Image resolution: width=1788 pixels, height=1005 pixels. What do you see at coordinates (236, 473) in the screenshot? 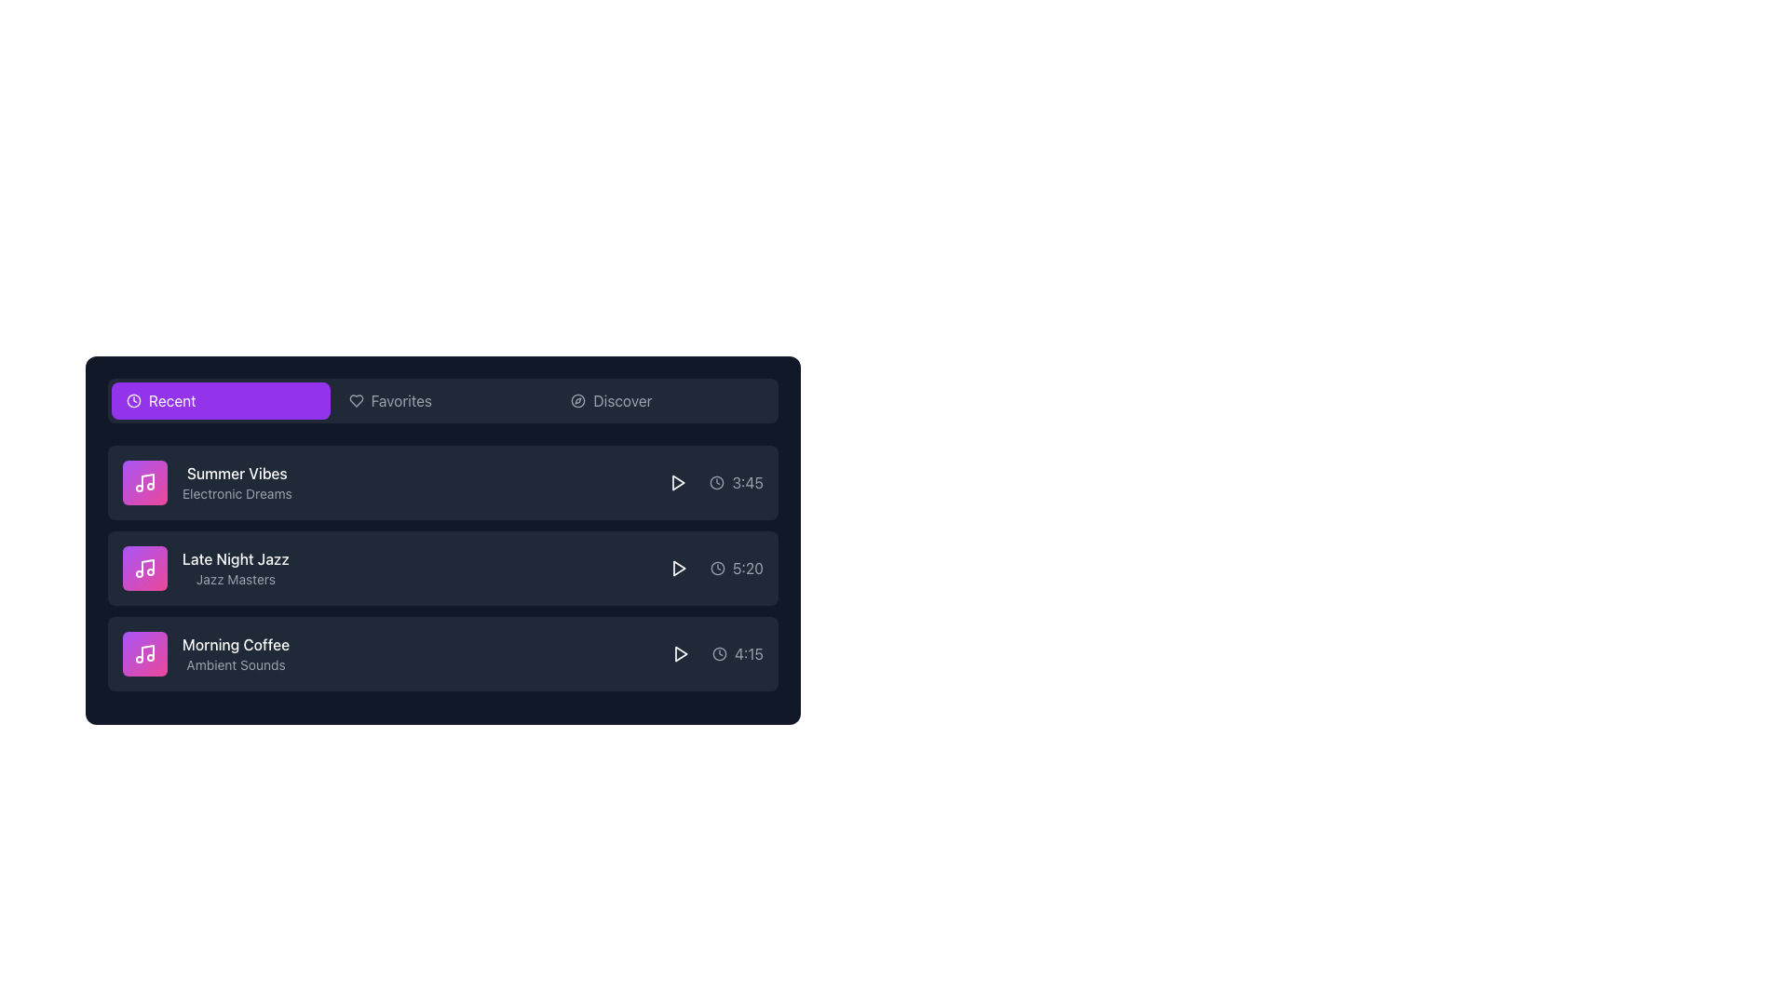
I see `text label 'Summer Vibes' which is styled with a white font and positioned in a list under the 'Recent' tab, above the 'Electronic Dreams' text` at bounding box center [236, 473].